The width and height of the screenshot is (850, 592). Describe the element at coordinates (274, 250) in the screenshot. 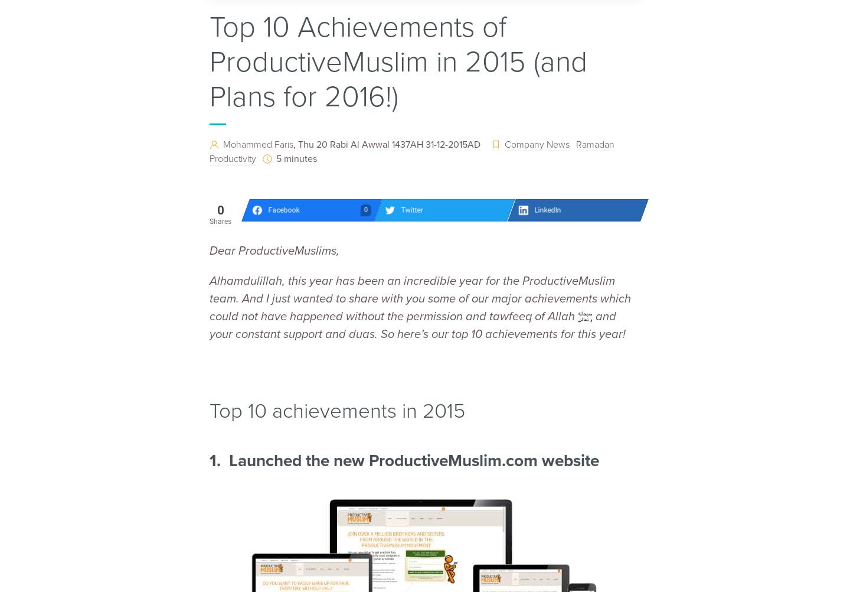

I see `'Dear ProductiveMuslims,'` at that location.